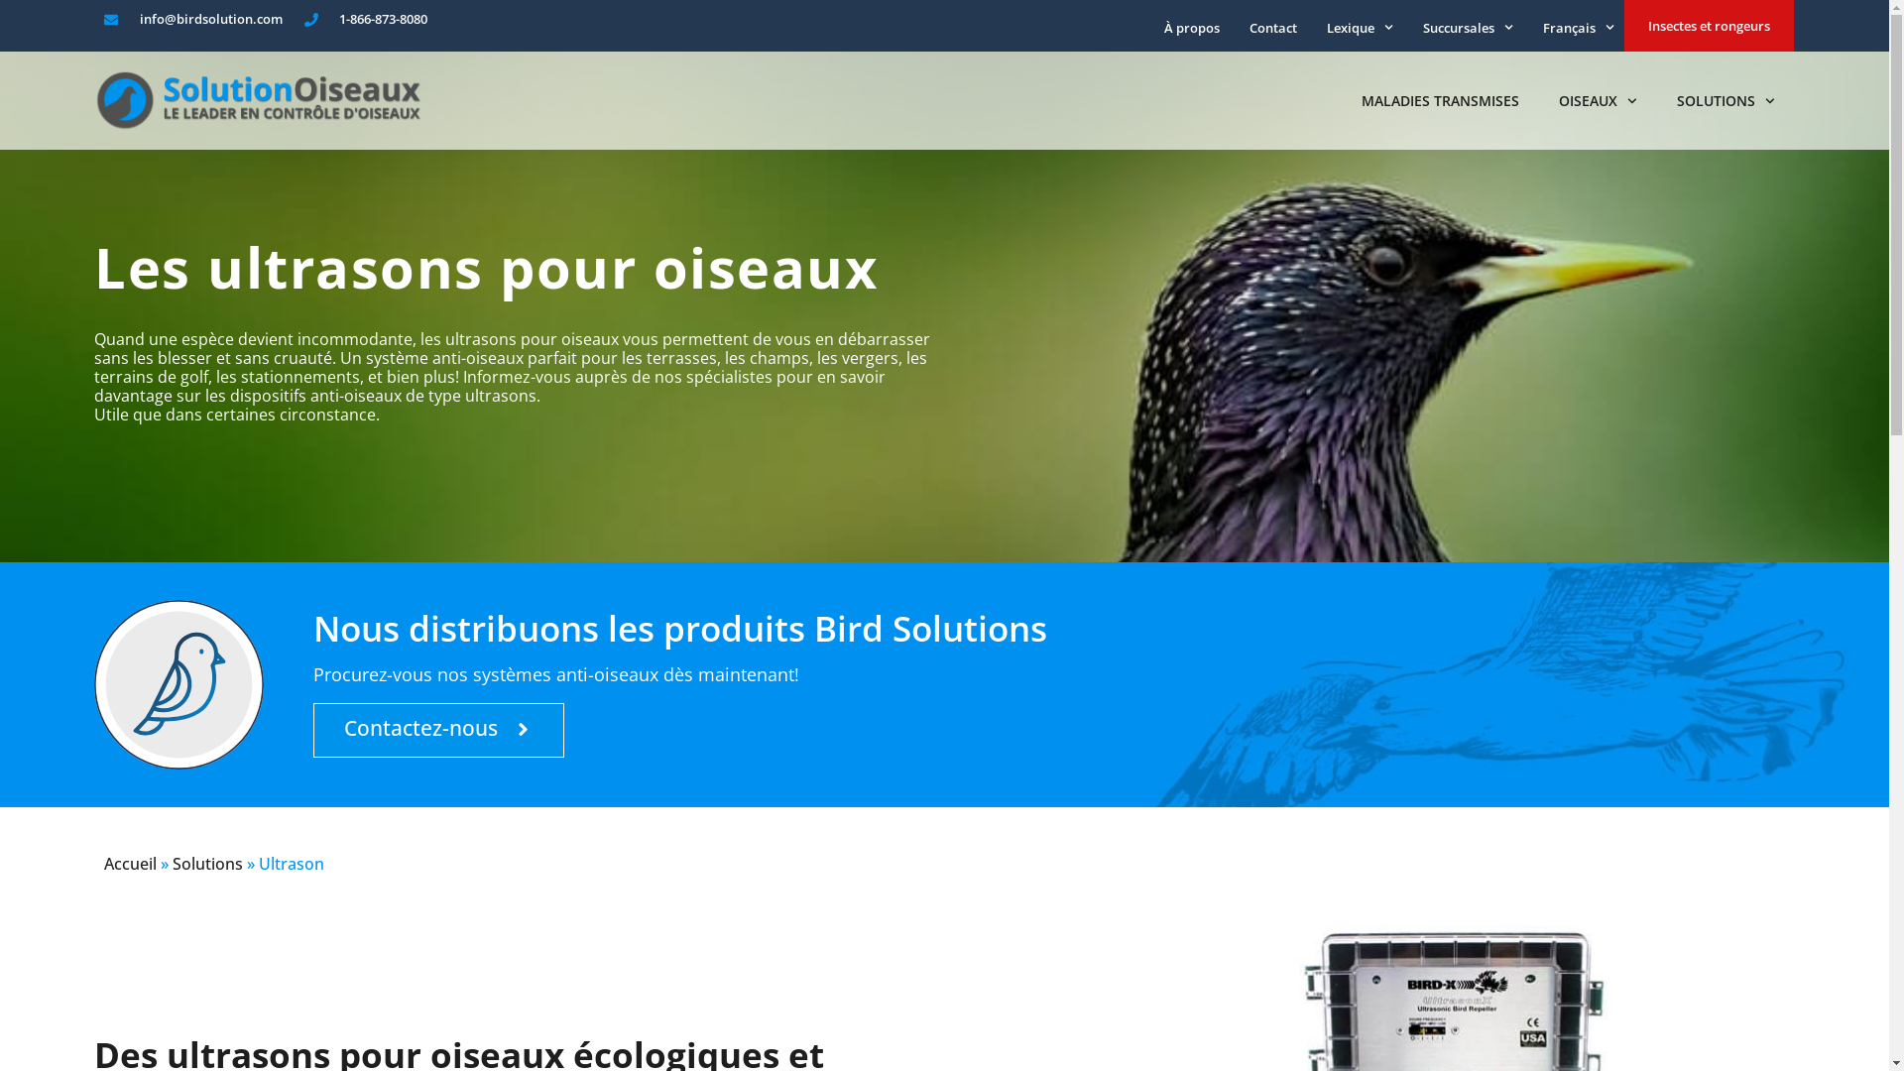 This screenshot has width=1904, height=1071. What do you see at coordinates (193, 19) in the screenshot?
I see `'info@birdsolution.com'` at bounding box center [193, 19].